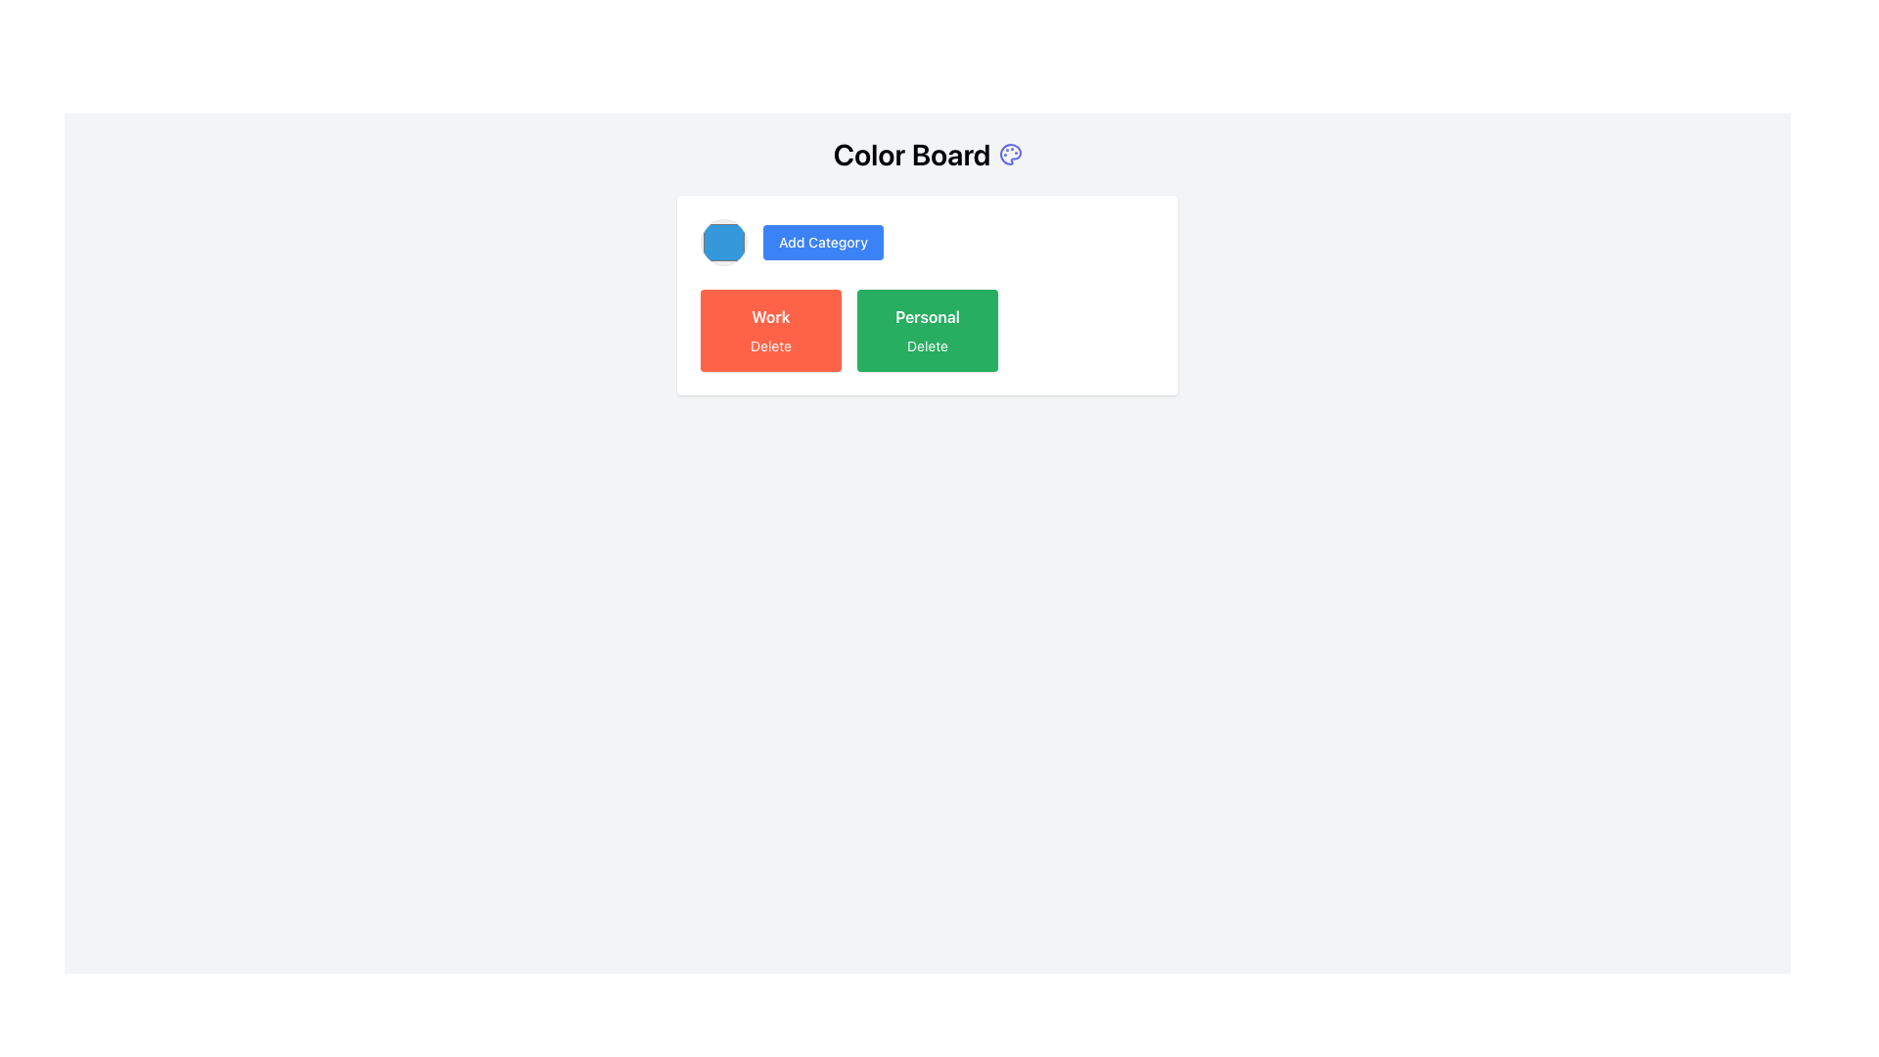 The image size is (1879, 1057). Describe the element at coordinates (823, 241) in the screenshot. I see `the second button in the horizontal alignment that adds a new category, located near the top-left corner of the white panel` at that location.